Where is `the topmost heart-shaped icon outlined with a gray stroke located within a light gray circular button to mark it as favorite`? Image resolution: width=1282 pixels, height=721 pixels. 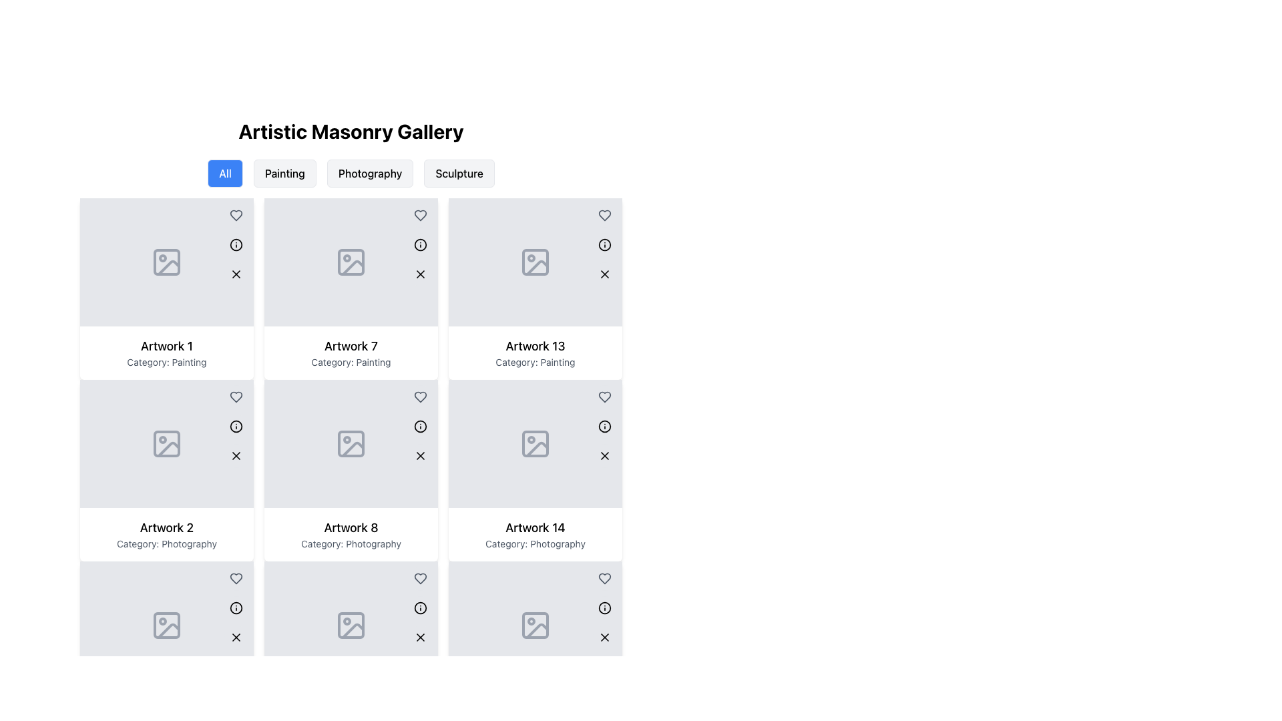 the topmost heart-shaped icon outlined with a gray stroke located within a light gray circular button to mark it as favorite is located at coordinates (236, 215).